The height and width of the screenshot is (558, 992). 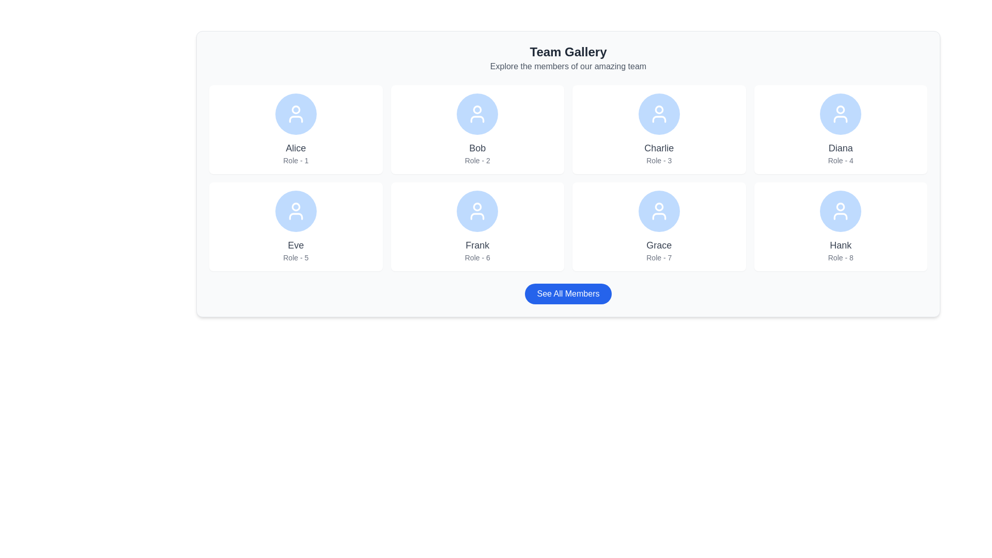 I want to click on the circular user icon with a light blue background, located in the top-left card labeled 'Alice Role - 1' in the 'Team Gallery' section, so click(x=295, y=110).